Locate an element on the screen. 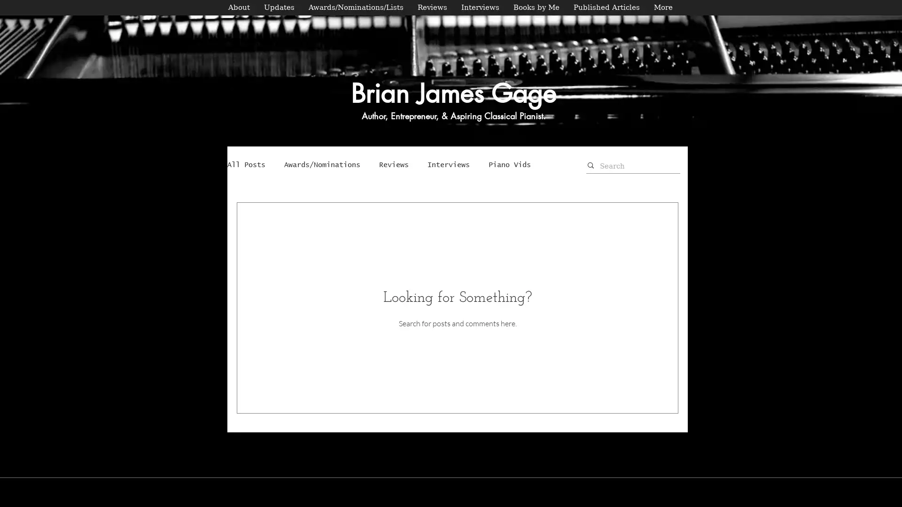 This screenshot has height=507, width=902. Reviews is located at coordinates (394, 164).